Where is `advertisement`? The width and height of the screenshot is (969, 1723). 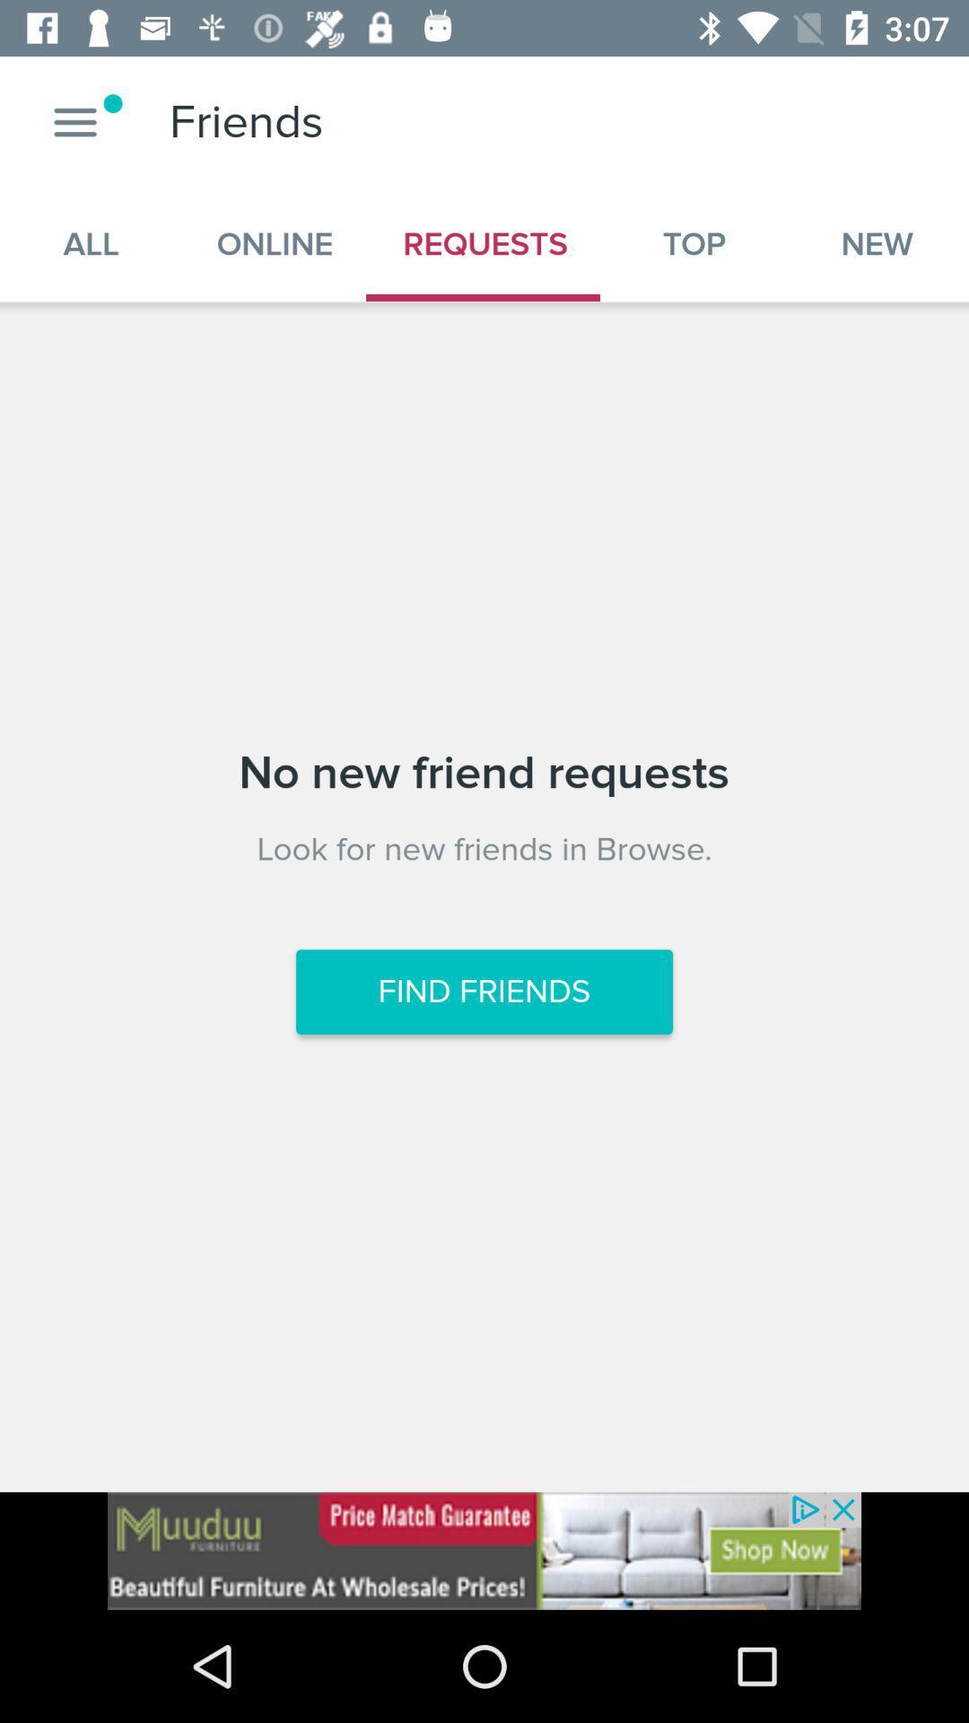 advertisement is located at coordinates (484, 1550).